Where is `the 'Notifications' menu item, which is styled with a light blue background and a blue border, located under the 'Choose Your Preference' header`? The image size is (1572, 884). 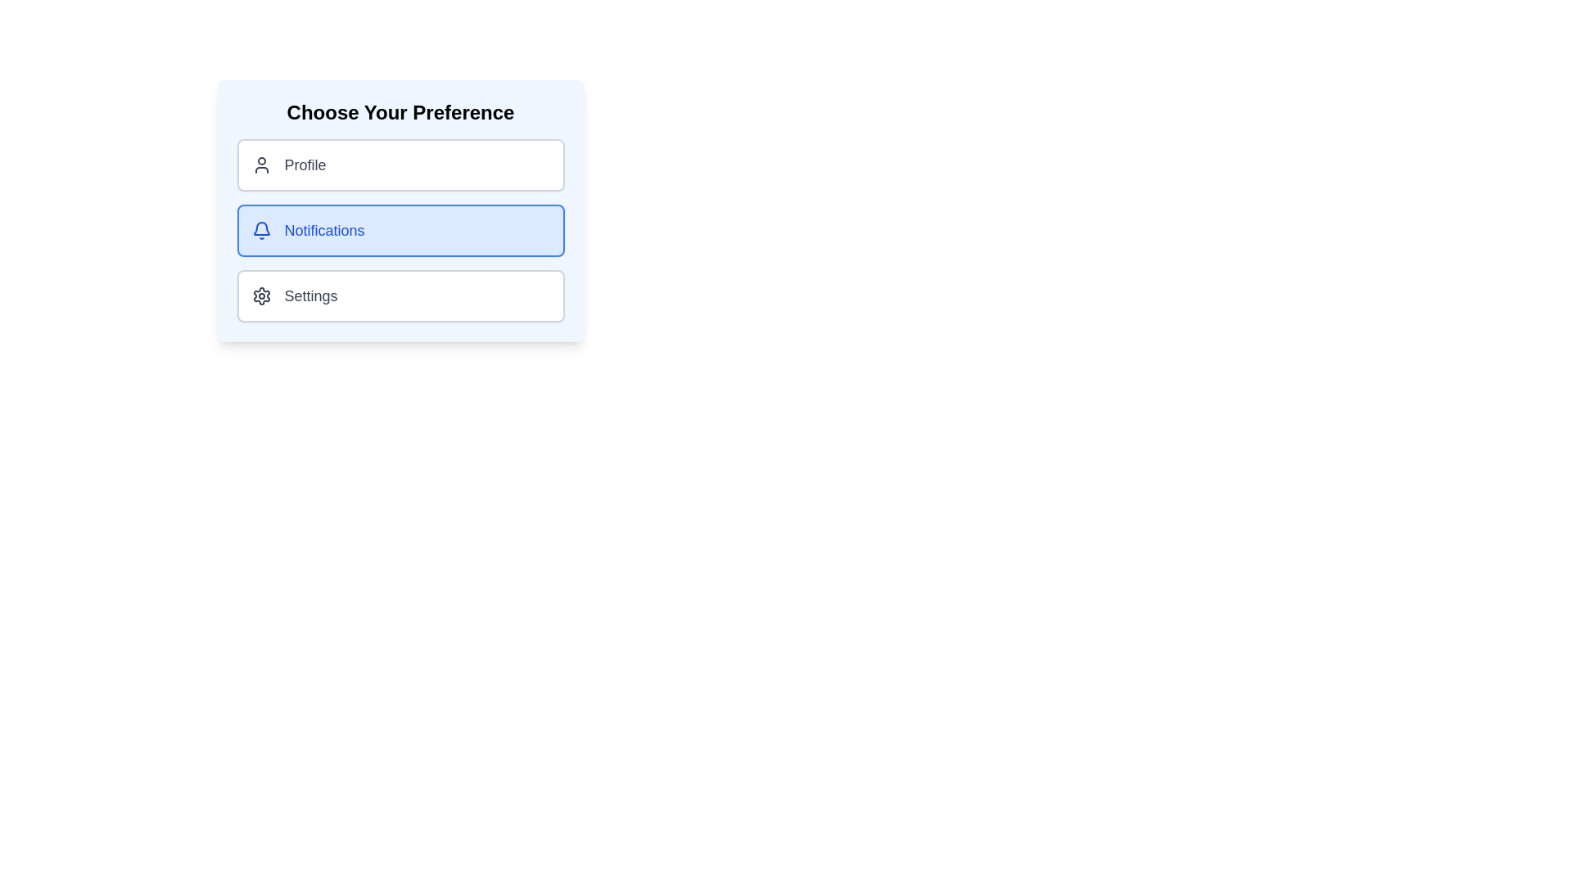 the 'Notifications' menu item, which is styled with a light blue background and a blue border, located under the 'Choose Your Preference' header is located at coordinates (400, 210).